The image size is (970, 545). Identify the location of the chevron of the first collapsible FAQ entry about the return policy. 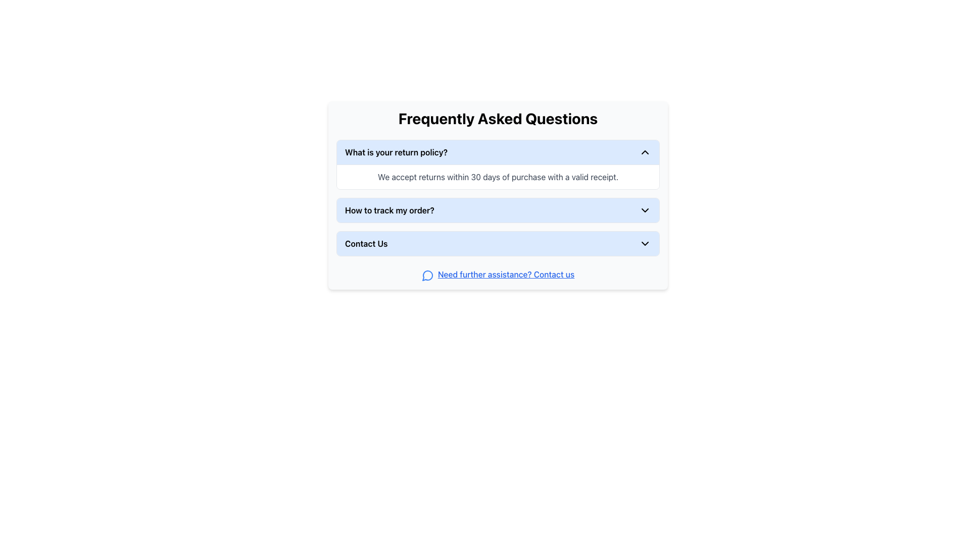
(498, 164).